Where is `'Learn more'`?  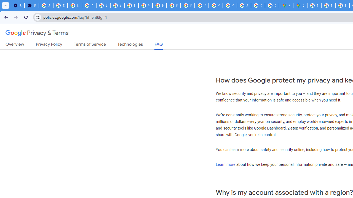 'Learn more' is located at coordinates (225, 164).